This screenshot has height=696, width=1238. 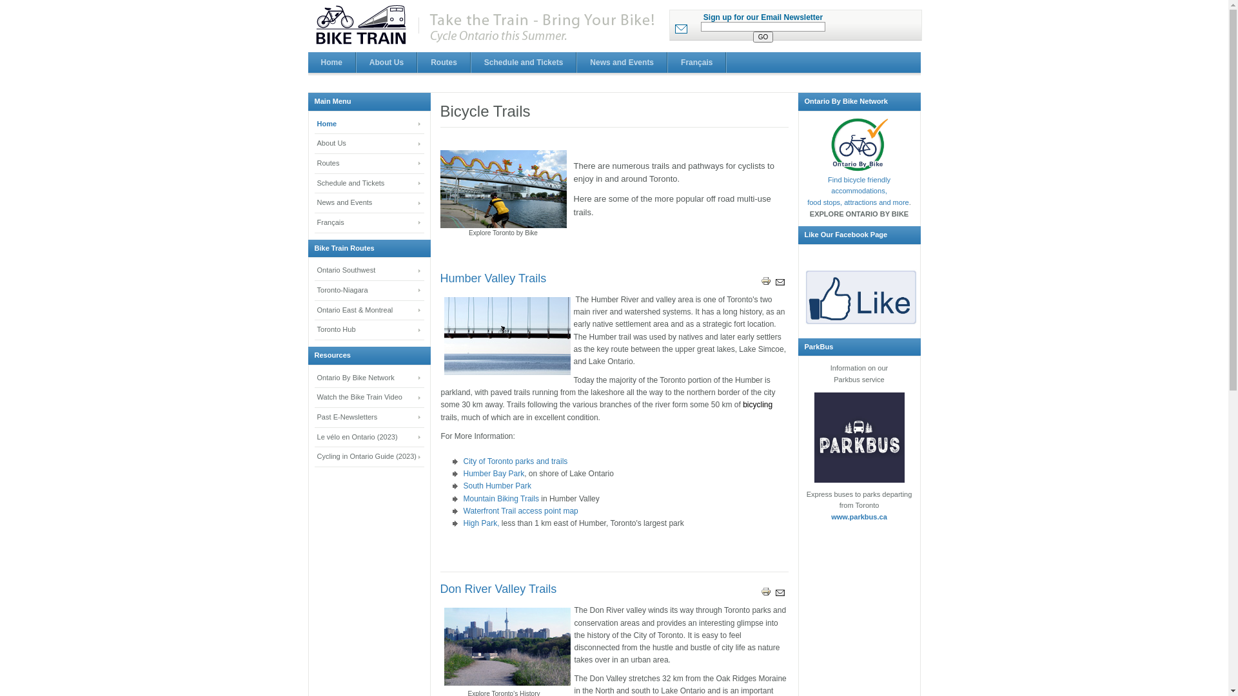 What do you see at coordinates (480, 523) in the screenshot?
I see `'High Park,'` at bounding box center [480, 523].